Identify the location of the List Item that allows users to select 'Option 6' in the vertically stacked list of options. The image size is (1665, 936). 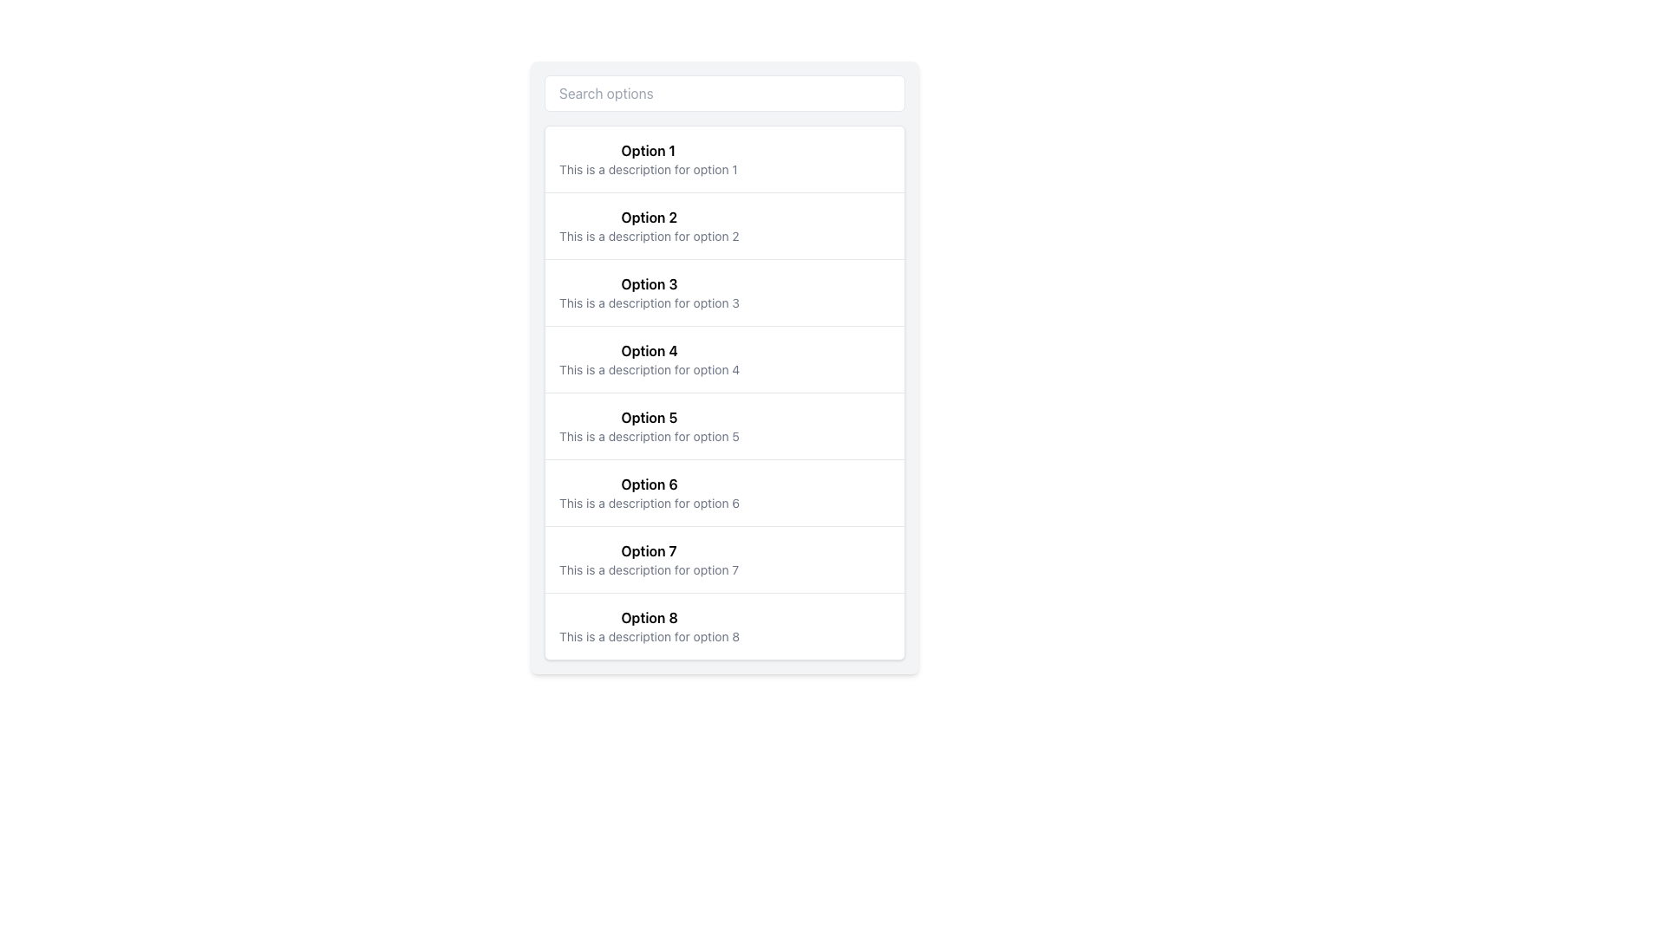
(724, 492).